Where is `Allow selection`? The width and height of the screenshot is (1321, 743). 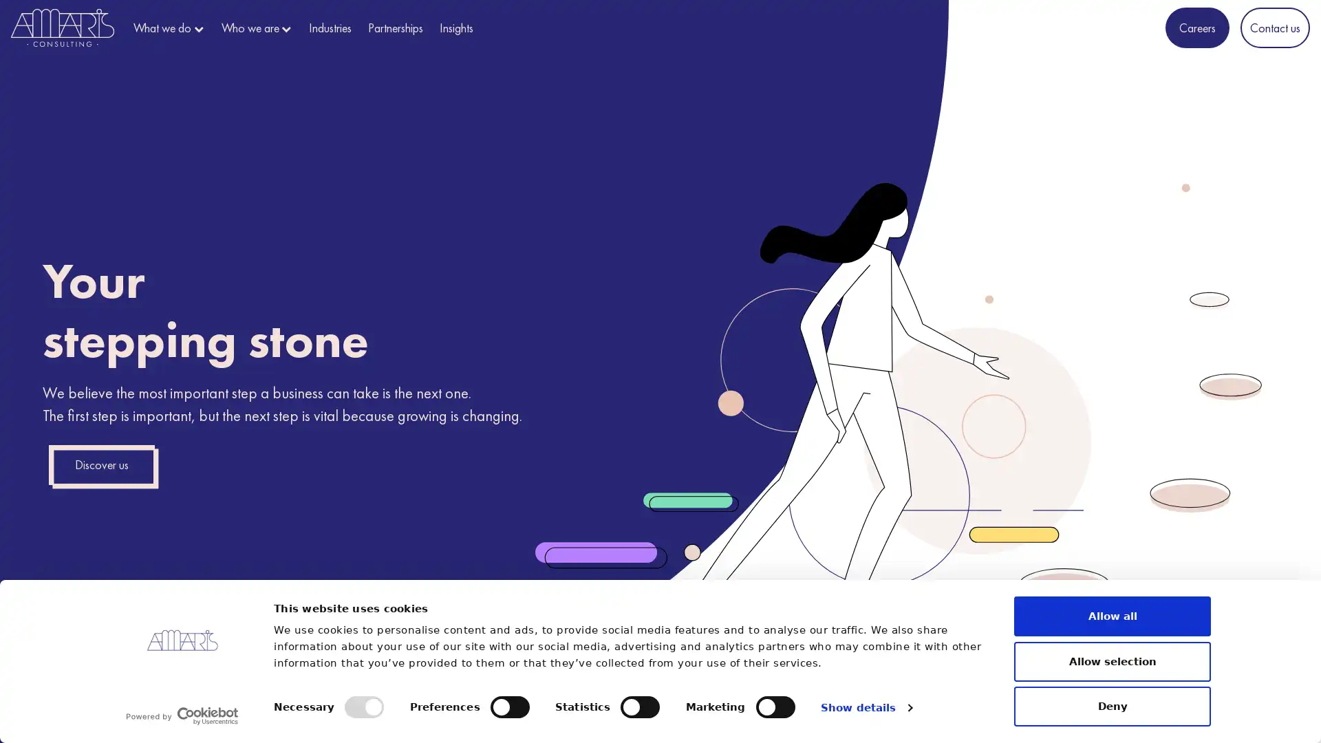
Allow selection is located at coordinates (1113, 660).